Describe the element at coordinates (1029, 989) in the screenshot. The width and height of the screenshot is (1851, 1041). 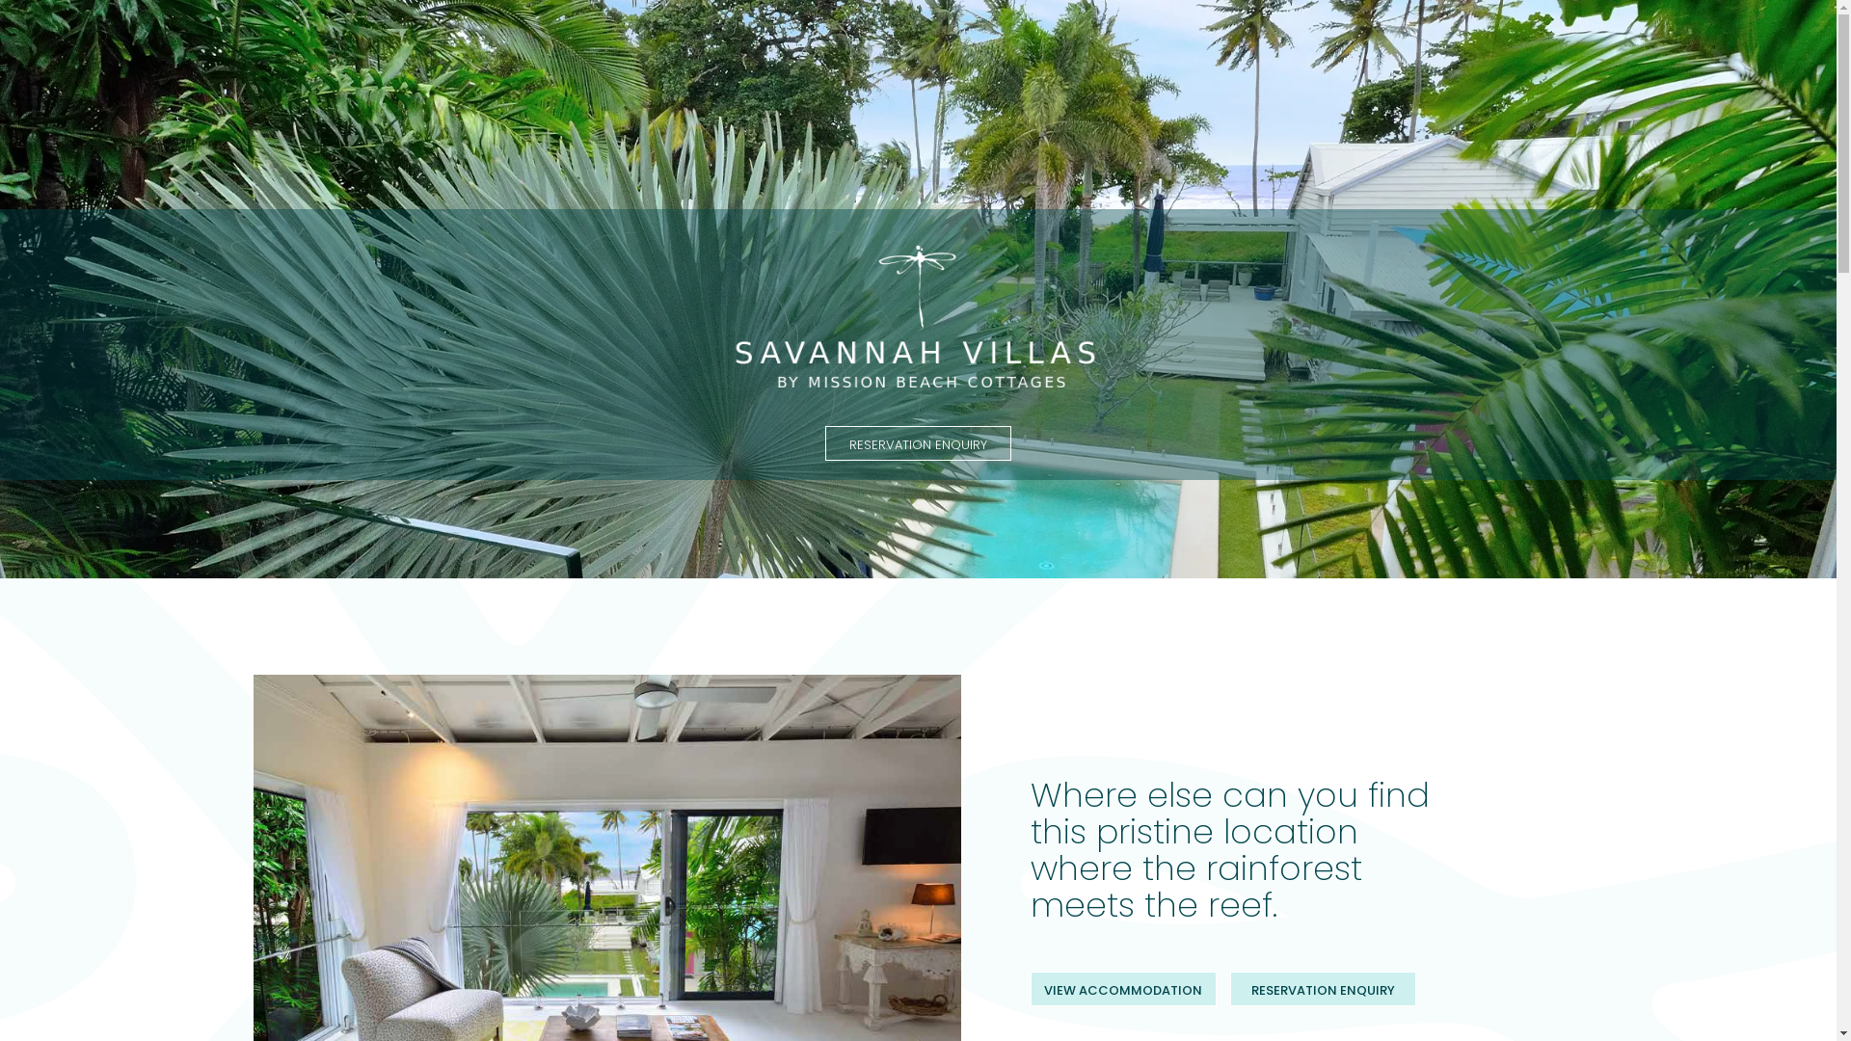
I see `'VIEW ACCOMMODATION'` at that location.